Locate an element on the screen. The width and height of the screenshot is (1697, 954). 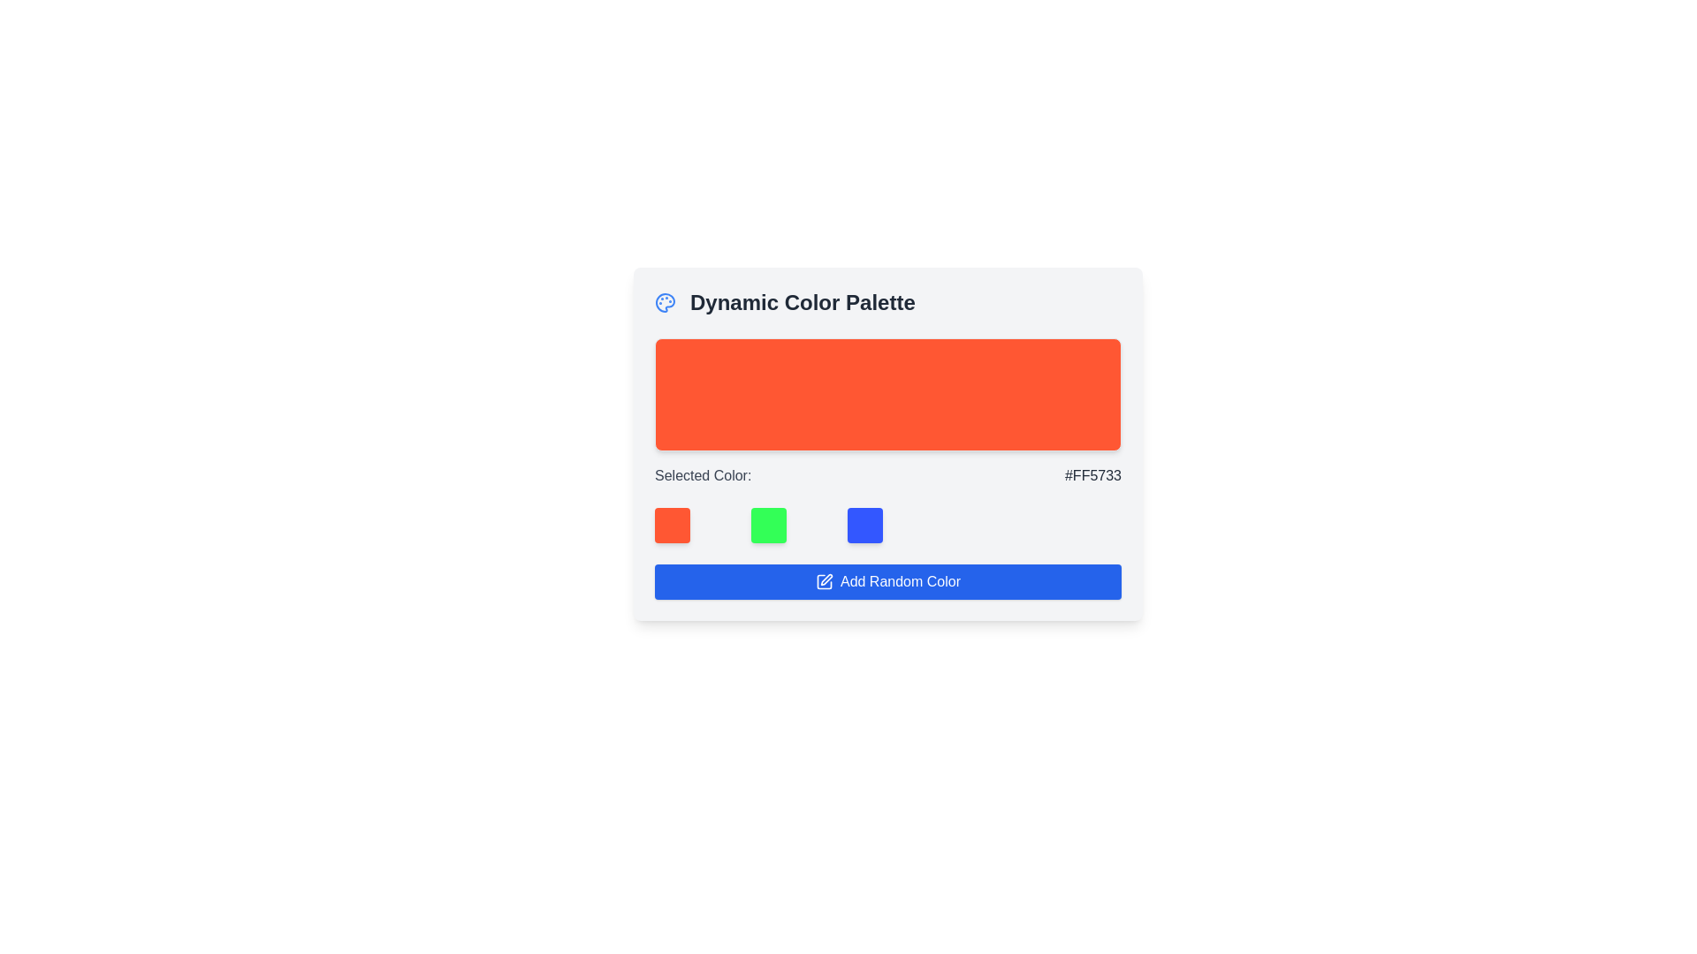
the color palette icon located on the left side of the 'Dynamic Color Palette' header is located at coordinates (665, 302).